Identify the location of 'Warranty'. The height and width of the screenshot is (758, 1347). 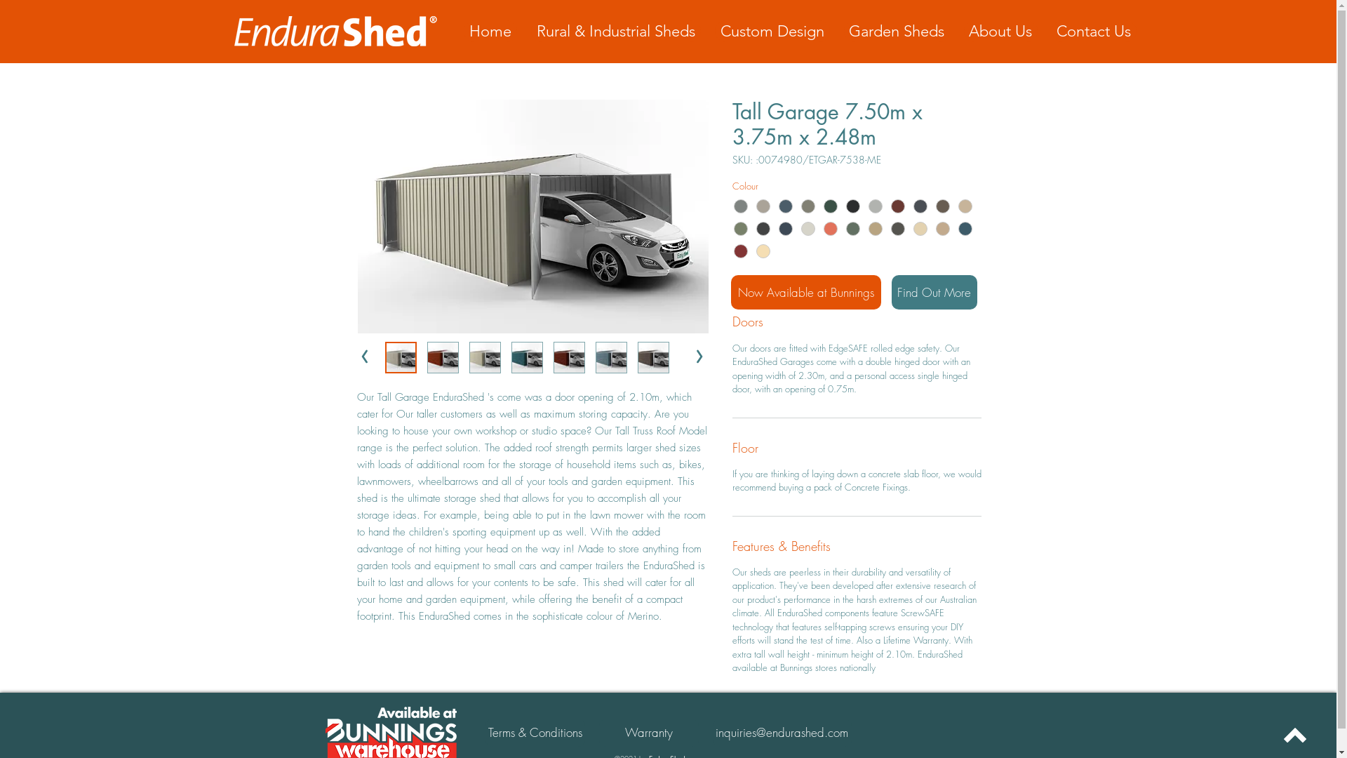
(599, 732).